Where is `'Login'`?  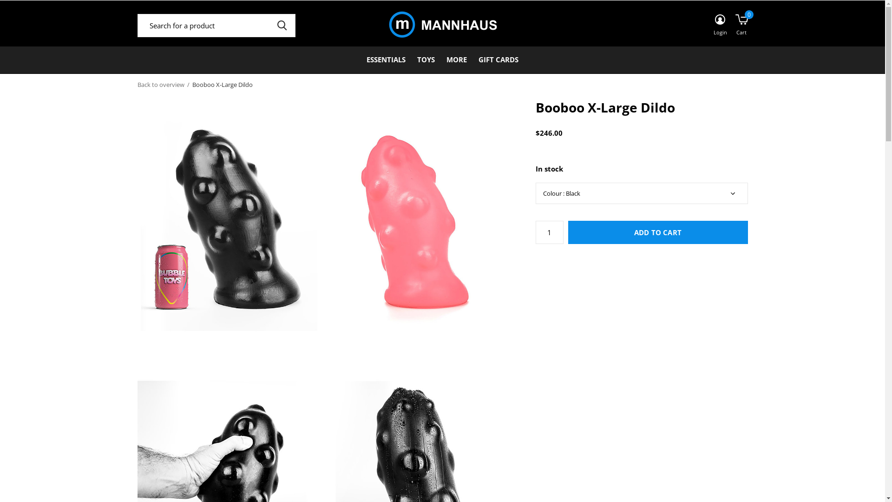
'Login' is located at coordinates (720, 26).